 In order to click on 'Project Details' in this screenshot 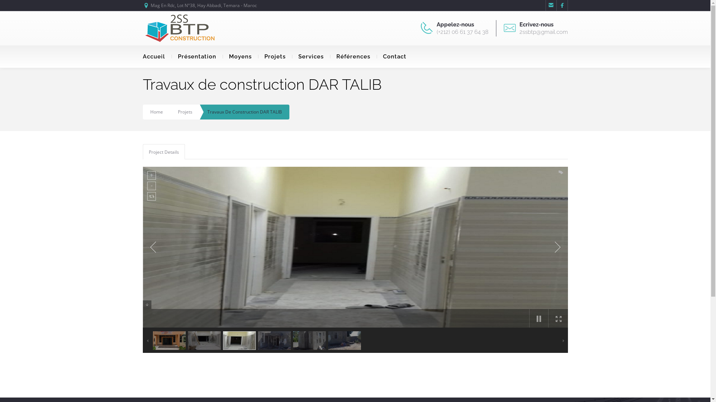, I will do `click(143, 151)`.